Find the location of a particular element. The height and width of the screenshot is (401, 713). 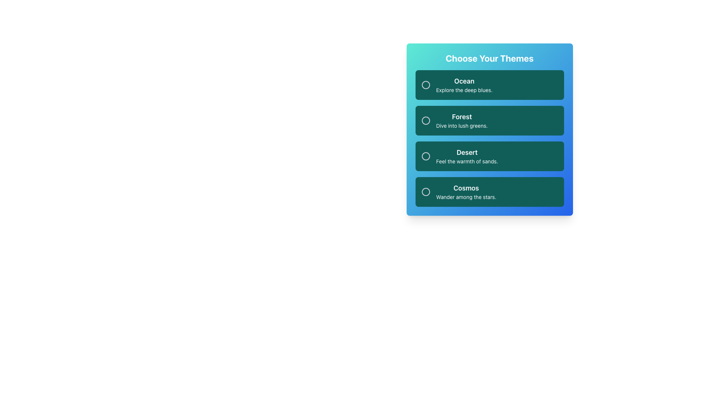

the 'Desert' theme title text label, which is horizontally centered in the third card of the theme options is located at coordinates (466, 152).